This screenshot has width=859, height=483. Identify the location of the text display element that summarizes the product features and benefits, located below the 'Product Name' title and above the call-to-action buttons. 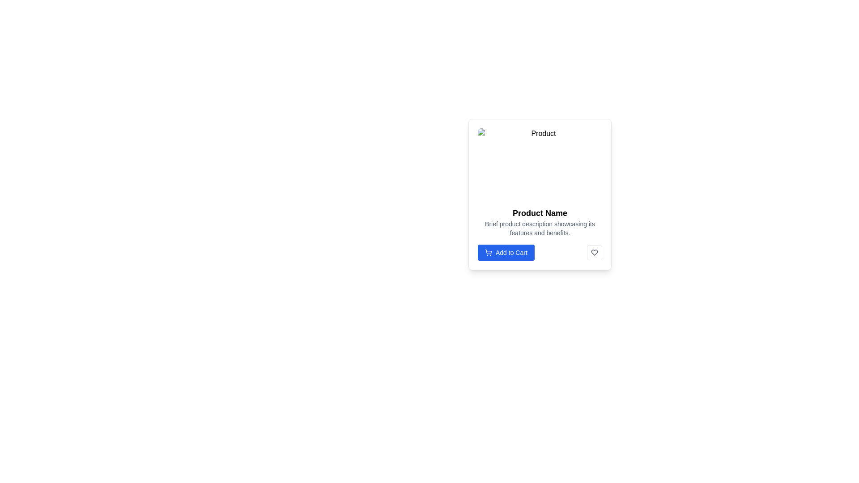
(539, 228).